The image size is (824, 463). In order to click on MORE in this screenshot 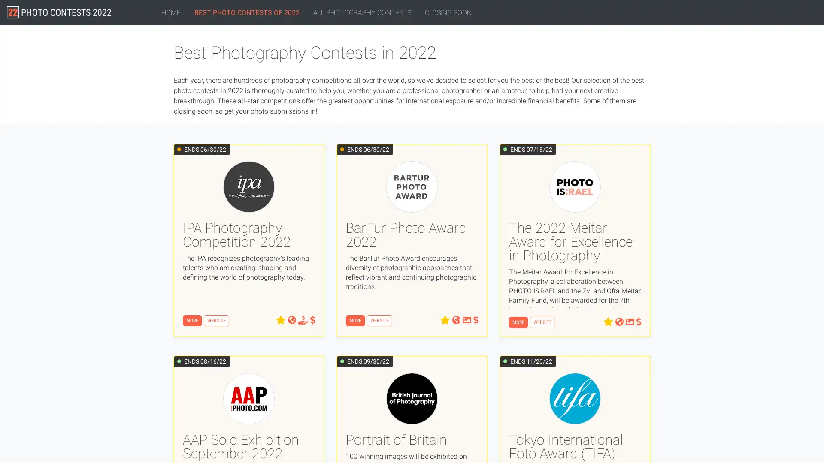, I will do `click(191, 321)`.